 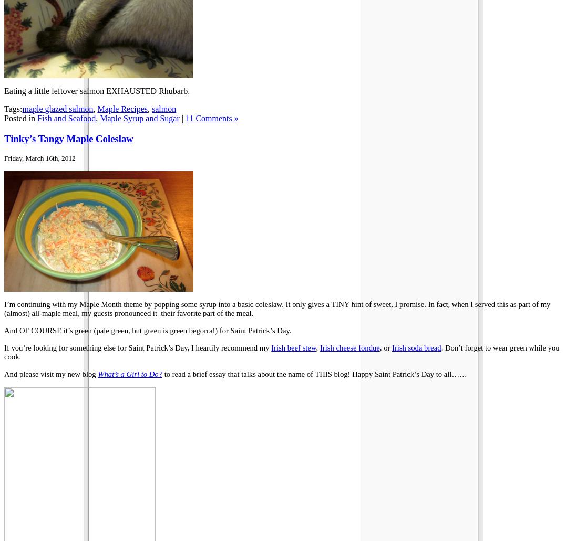 I want to click on 'I’m continuing with my Maple Month theme by popping some syrup into a basic coleslaw. It only gives a TINY hint of sweet, I promise. In fact, when I served this as part of my (almost) all-maple meal, my guests pronounced it  their favorite part of the meal.', so click(x=3, y=308).